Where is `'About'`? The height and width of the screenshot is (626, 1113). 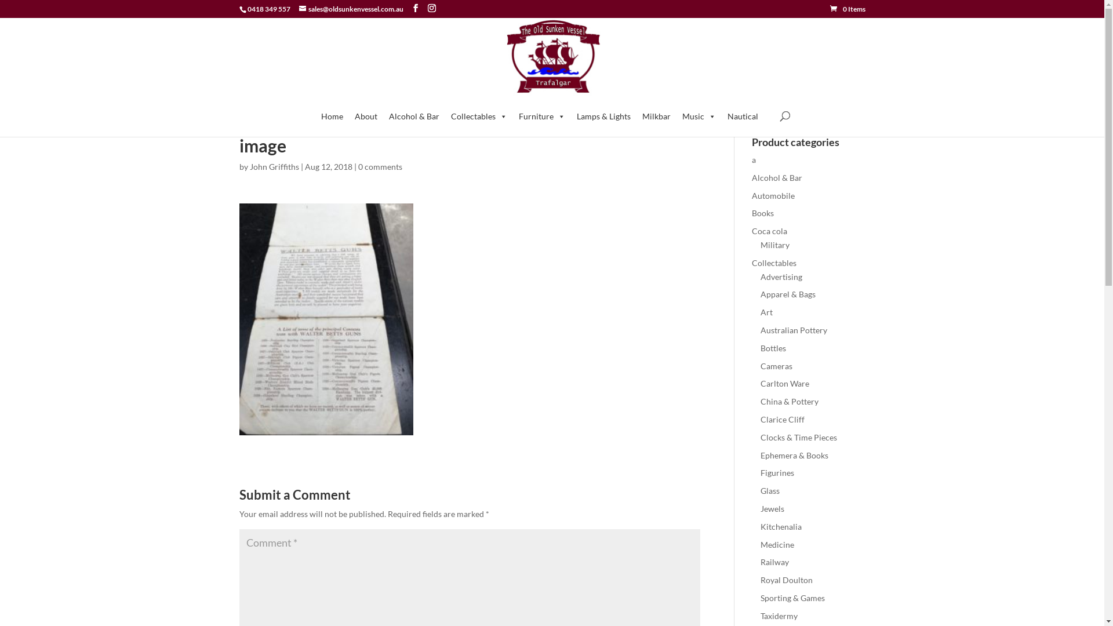
'About' is located at coordinates (365, 116).